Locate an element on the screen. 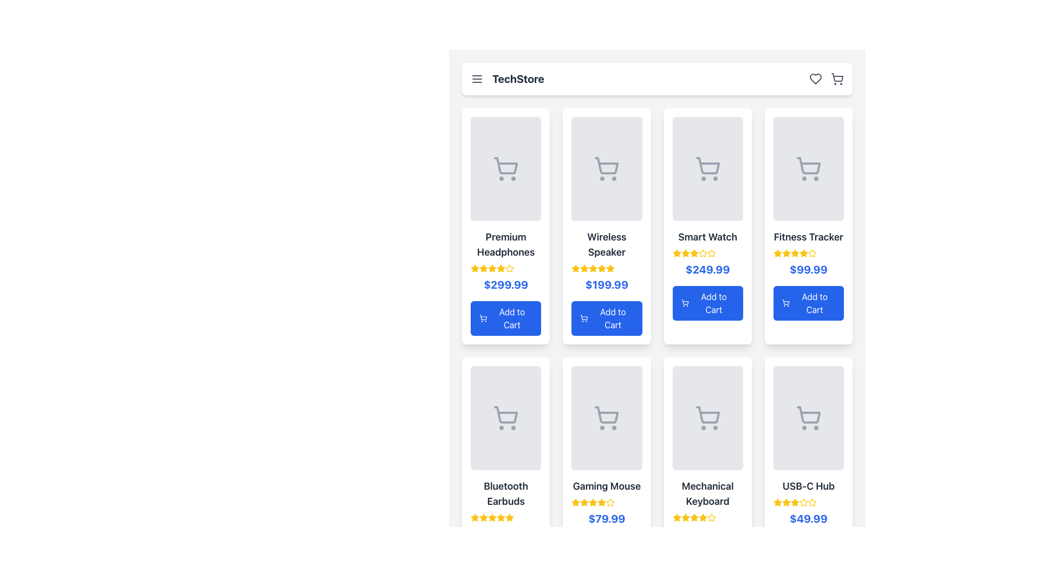  the fourth star icon in the rating system for the 'Smart Watch' product to assign a rating is located at coordinates (702, 252).